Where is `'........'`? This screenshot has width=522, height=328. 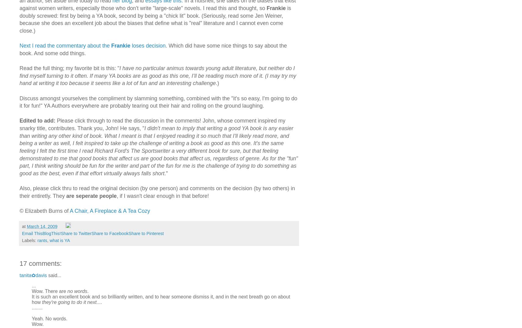 '........' is located at coordinates (37, 307).